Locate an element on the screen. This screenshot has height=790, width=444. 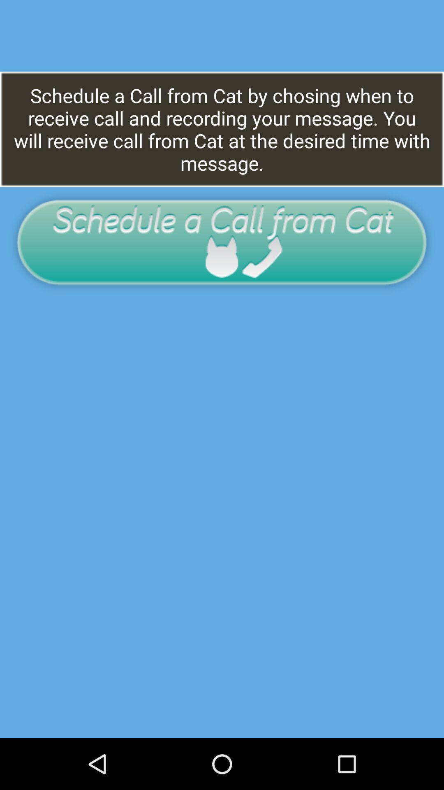
app below schedule a call app is located at coordinates (221, 242).